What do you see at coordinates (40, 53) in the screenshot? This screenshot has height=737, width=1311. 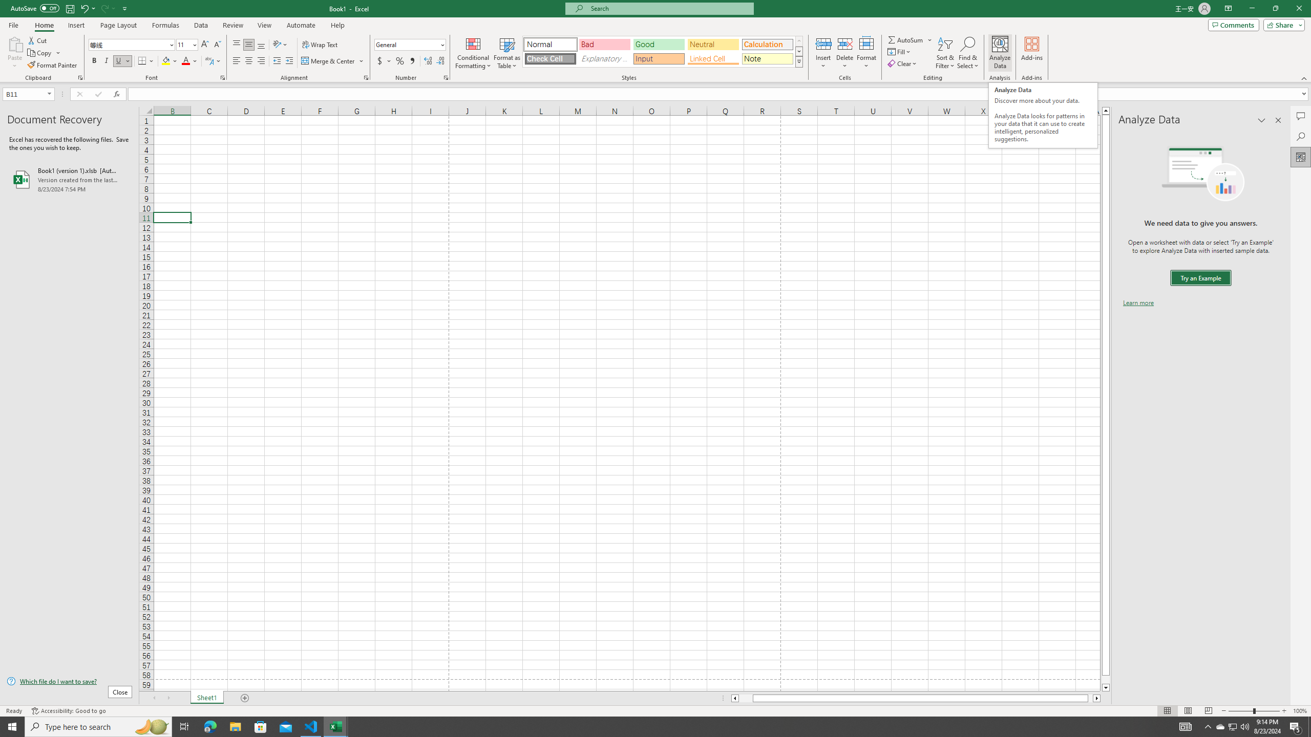 I see `'Copy'` at bounding box center [40, 53].